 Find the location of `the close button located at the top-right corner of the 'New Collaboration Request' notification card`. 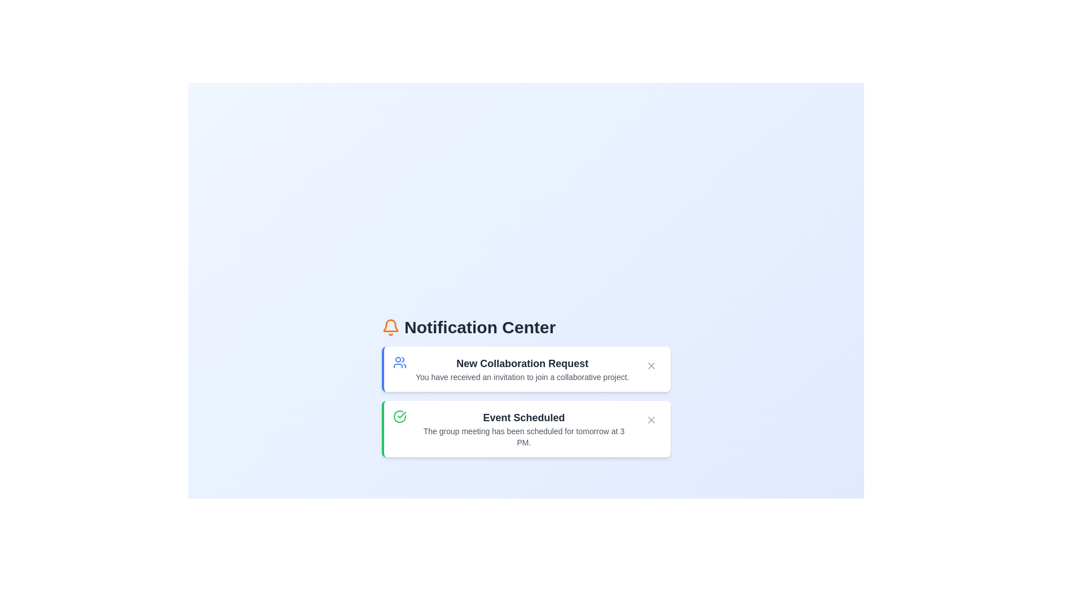

the close button located at the top-right corner of the 'New Collaboration Request' notification card is located at coordinates (651, 365).